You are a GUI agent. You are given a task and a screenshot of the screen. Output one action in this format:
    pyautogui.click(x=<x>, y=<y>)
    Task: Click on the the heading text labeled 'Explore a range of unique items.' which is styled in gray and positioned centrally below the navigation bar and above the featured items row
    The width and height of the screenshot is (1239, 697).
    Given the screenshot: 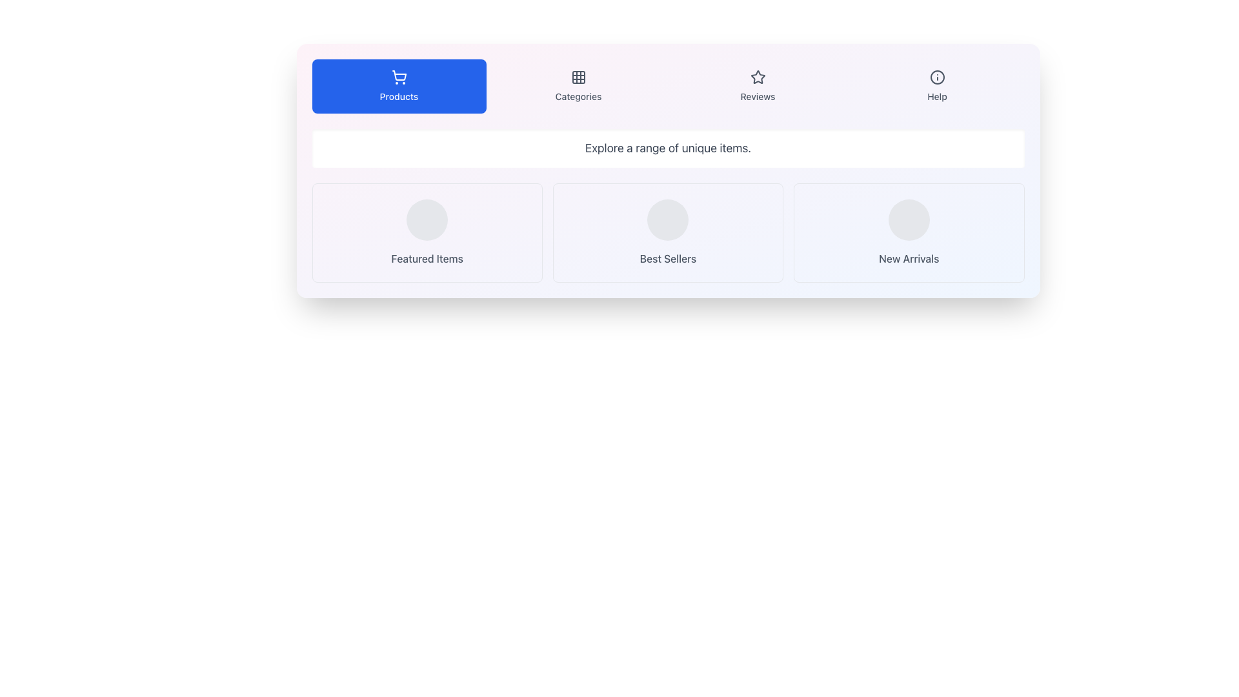 What is the action you would take?
    pyautogui.click(x=668, y=148)
    